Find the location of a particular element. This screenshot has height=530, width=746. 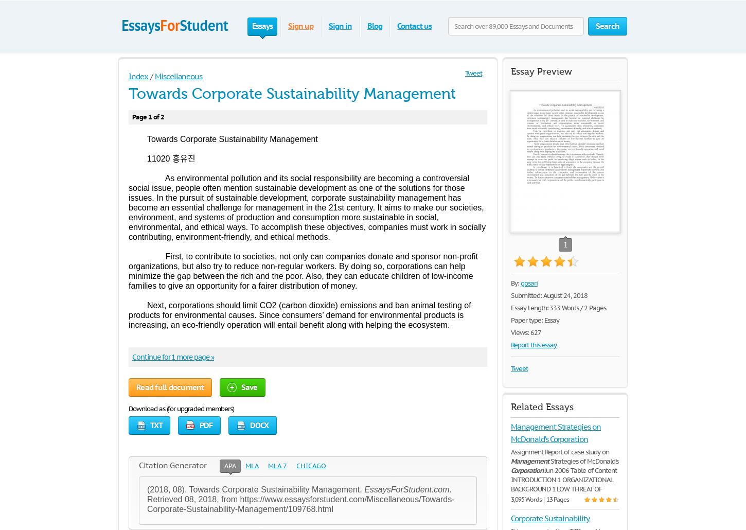

'Next, corporations should limit CO2 (carbon dioxide) emissions and ban animal testing of products for environmental causes. Since consumers’ demand for environmental products is increasing, an eco-friendly operation will entail benefit along with helping the ecosystem.' is located at coordinates (299, 314).